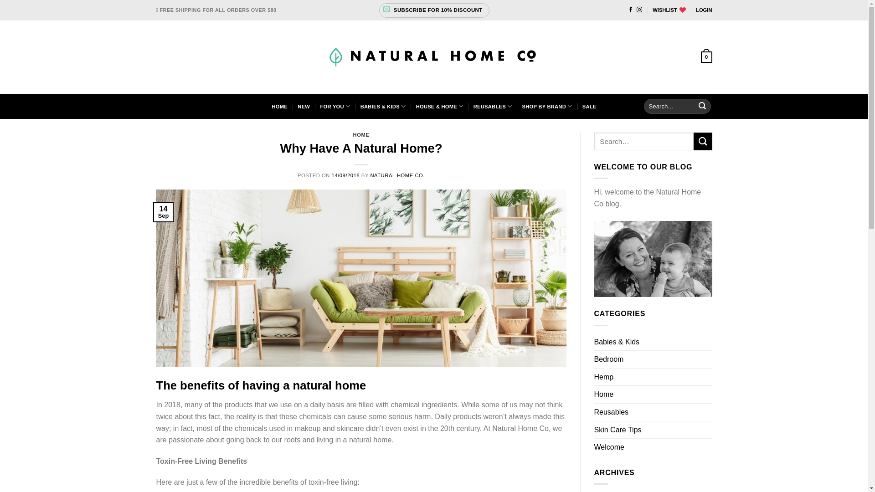  I want to click on '0', so click(706, 57).